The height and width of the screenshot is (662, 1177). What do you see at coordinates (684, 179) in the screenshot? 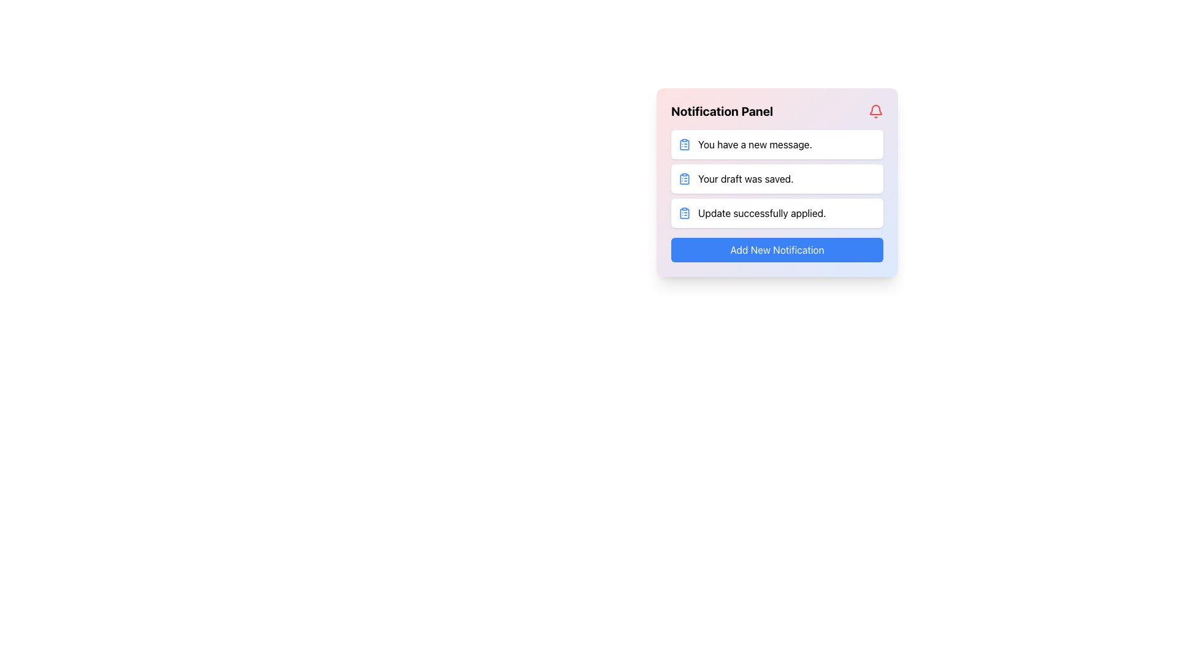
I see `the second graphical component of the clipboard icon, which is styled in blue and located to the left of the first notification message in the notification panel` at bounding box center [684, 179].